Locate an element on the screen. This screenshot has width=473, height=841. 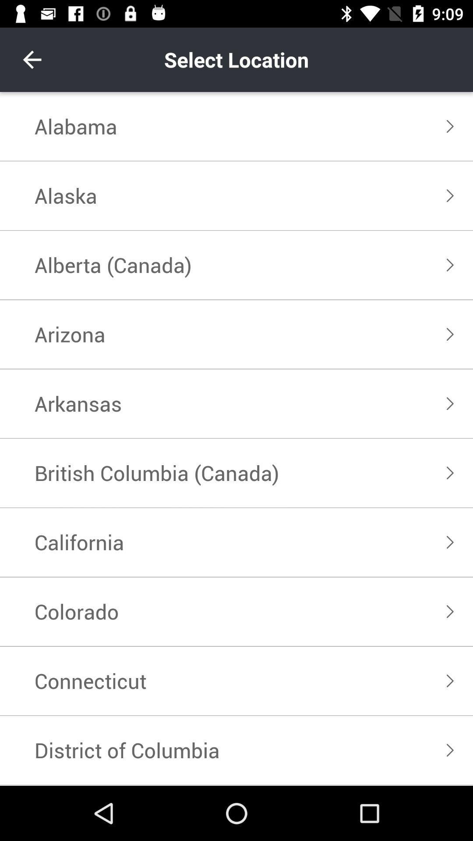
icon to the left of select location item is located at coordinates (32, 59).